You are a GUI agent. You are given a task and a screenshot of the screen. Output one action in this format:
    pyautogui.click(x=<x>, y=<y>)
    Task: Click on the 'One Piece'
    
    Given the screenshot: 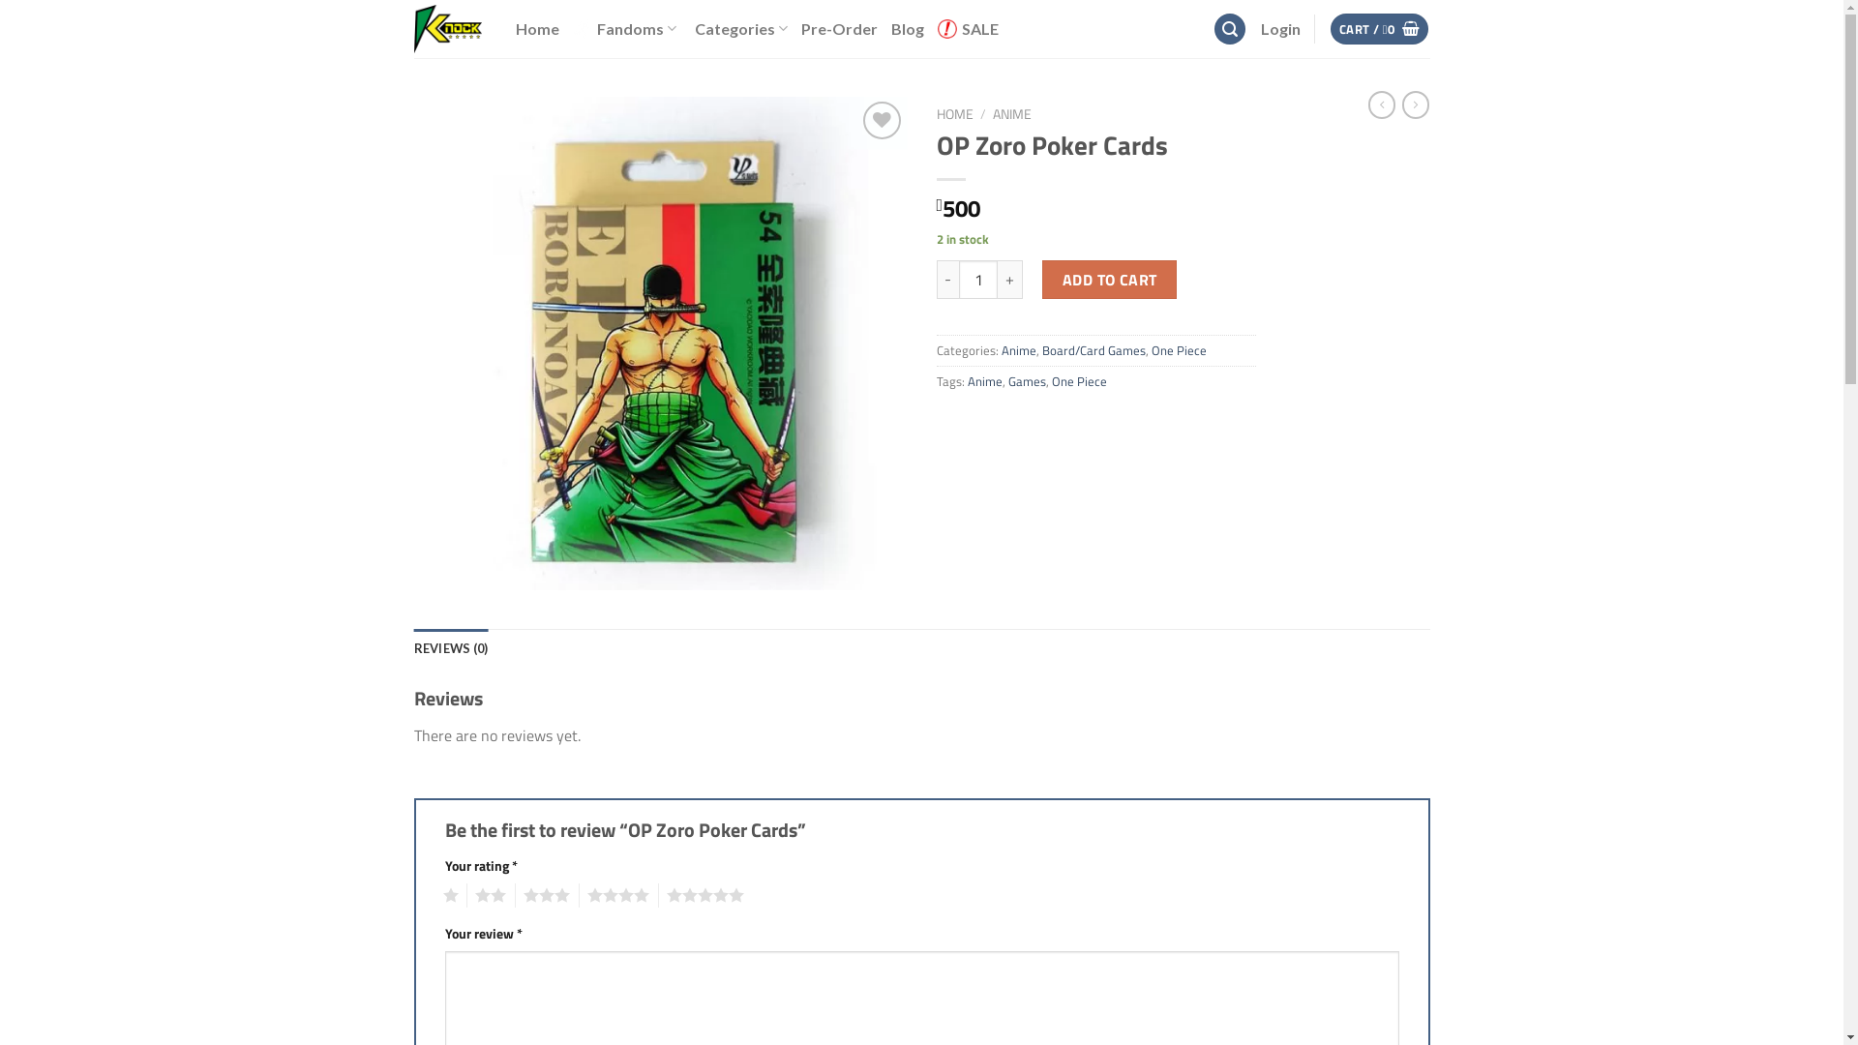 What is the action you would take?
    pyautogui.click(x=1152, y=350)
    